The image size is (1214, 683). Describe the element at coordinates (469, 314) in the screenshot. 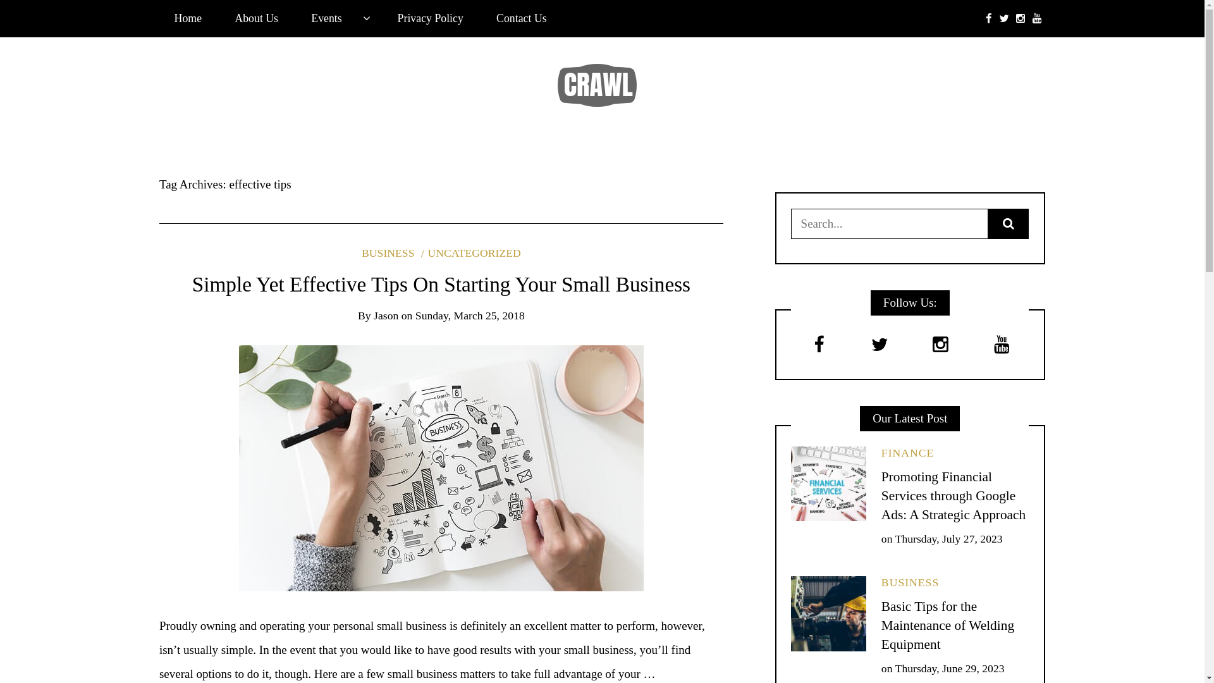

I see `'Sunday, March 25, 2018'` at that location.